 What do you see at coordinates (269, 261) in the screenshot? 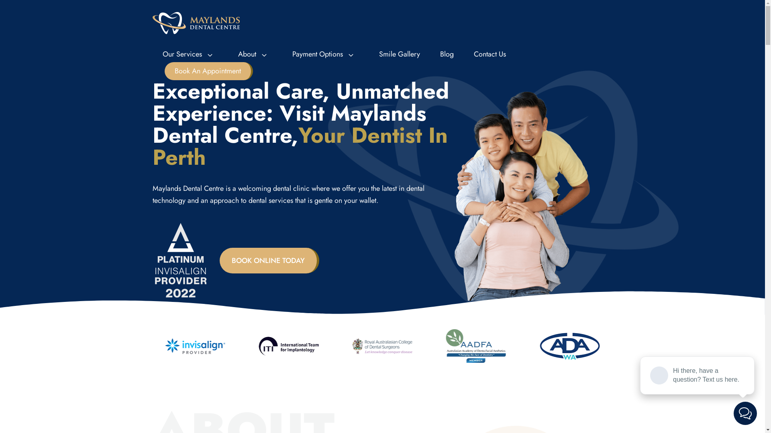
I see `'BOOK ONLINE TODAY'` at bounding box center [269, 261].